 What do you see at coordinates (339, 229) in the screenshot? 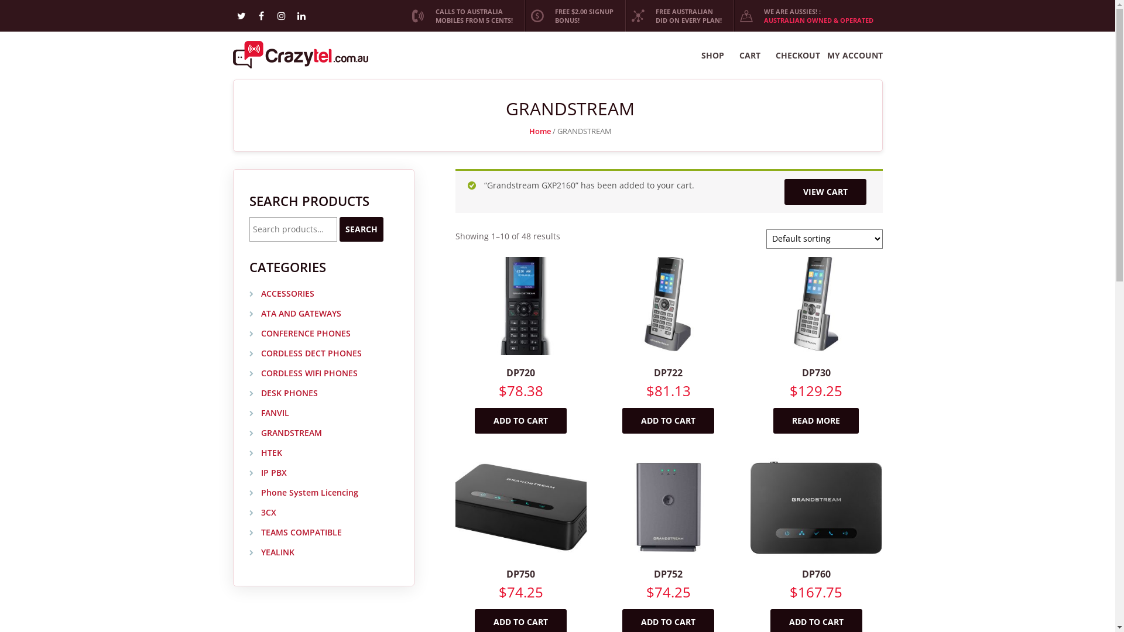
I see `'SEARCH'` at bounding box center [339, 229].